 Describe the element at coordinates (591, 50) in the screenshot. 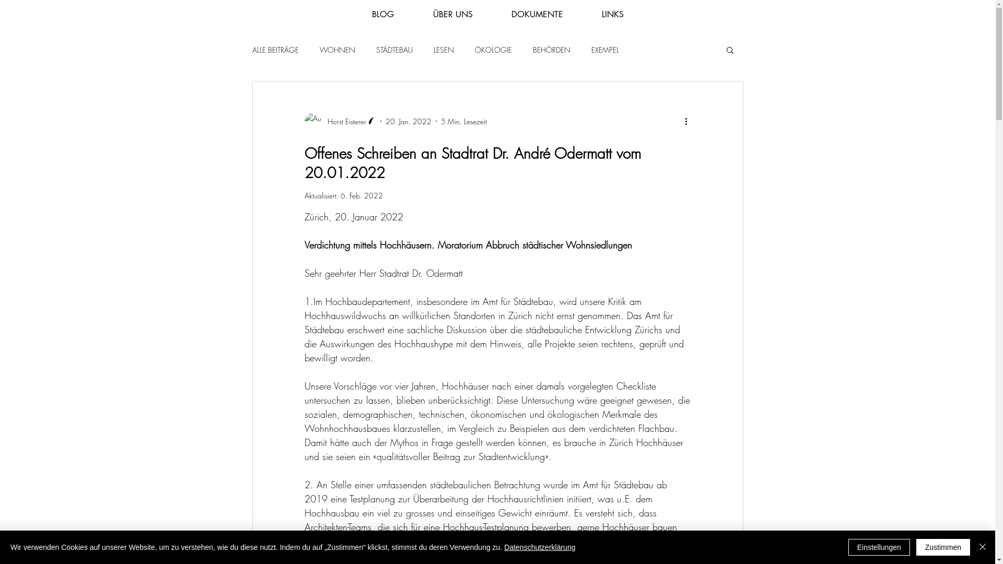

I see `'EXEMPEL'` at that location.